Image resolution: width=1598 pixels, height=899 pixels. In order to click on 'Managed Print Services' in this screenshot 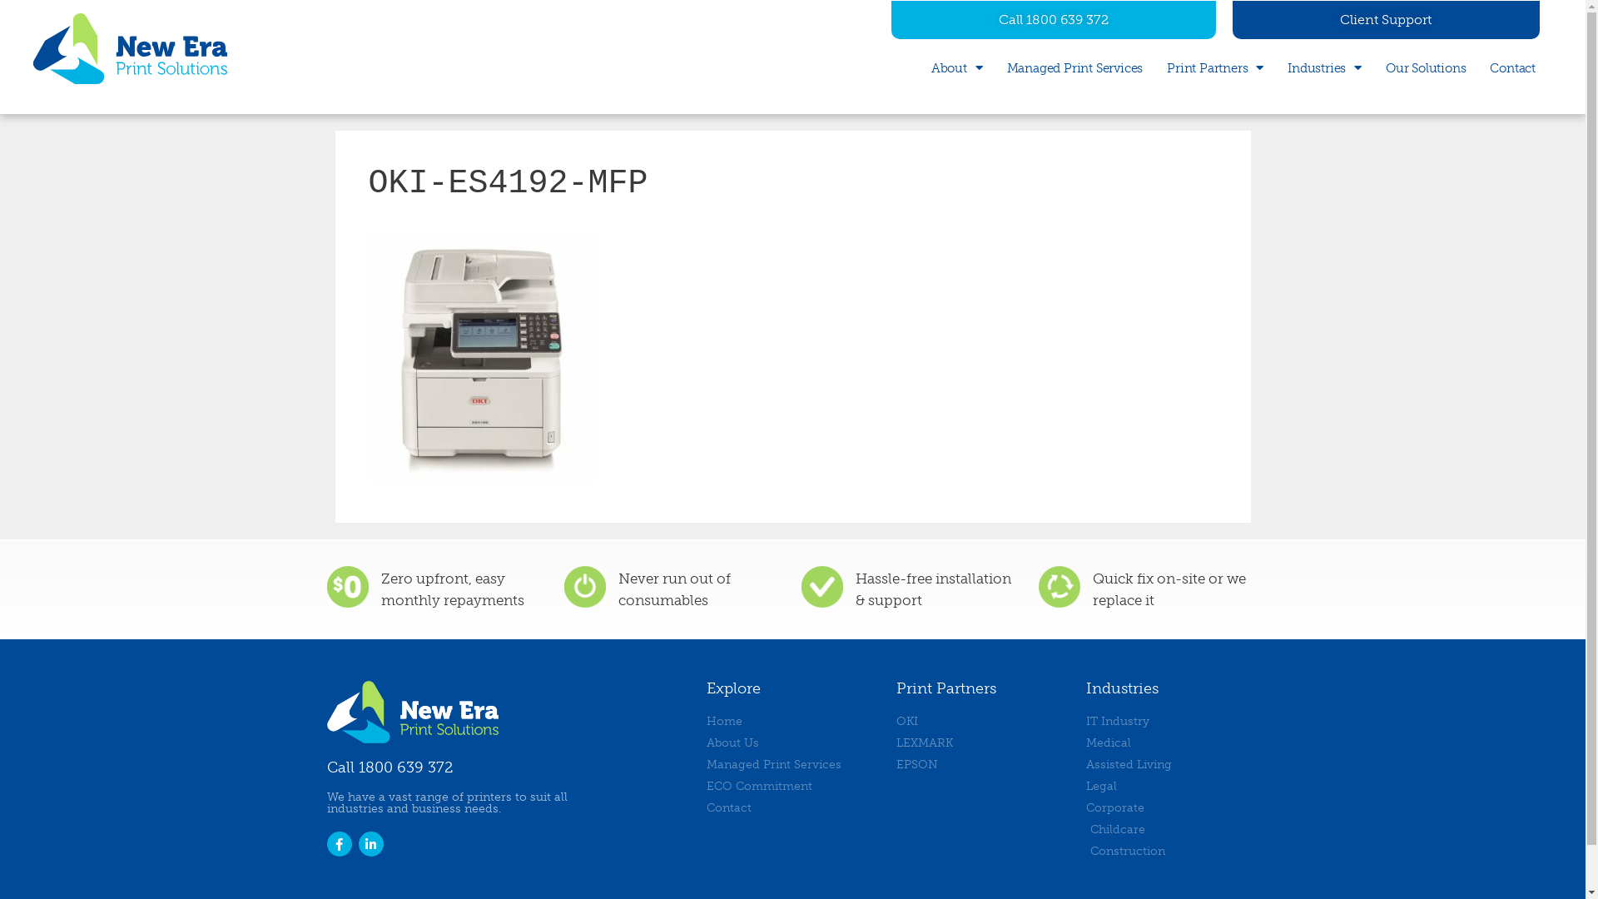, I will do `click(1074, 67)`.